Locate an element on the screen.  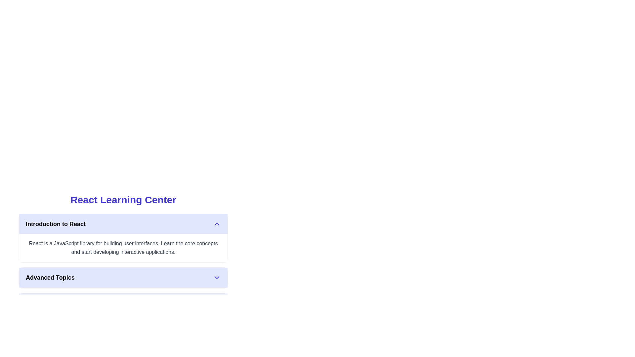
the chevron down icon located at the rightmost part of the 'Advanced Topics' section to trigger tooltip or animation effects is located at coordinates (217, 278).